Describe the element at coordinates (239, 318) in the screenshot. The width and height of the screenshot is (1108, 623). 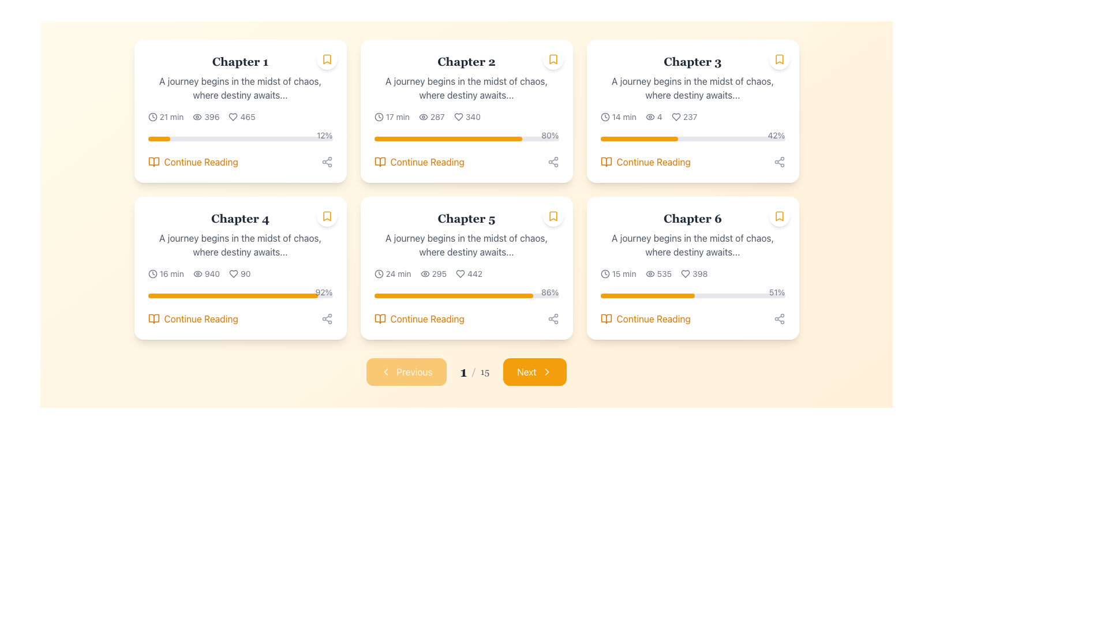
I see `the interactive button located beneath the progress bar indicating '92%' progress in the bottom section of the fourth card in a grid layout` at that location.